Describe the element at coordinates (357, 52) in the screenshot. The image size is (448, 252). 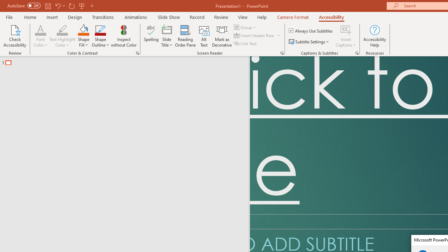
I see `'Captions & Subtitles'` at that location.